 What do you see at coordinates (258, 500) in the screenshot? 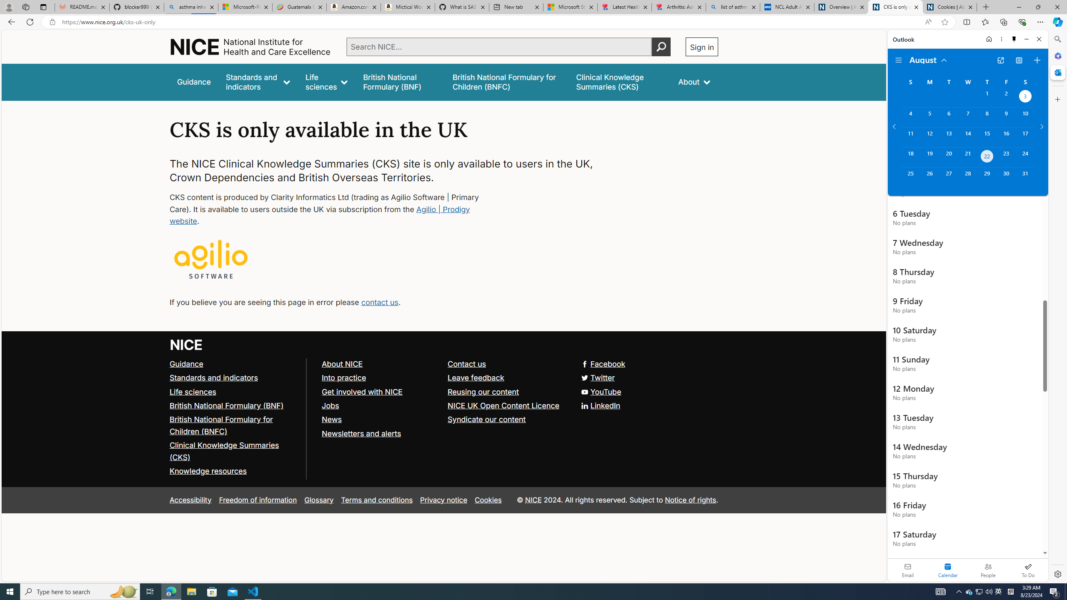
I see `'Freedom of information'` at bounding box center [258, 500].